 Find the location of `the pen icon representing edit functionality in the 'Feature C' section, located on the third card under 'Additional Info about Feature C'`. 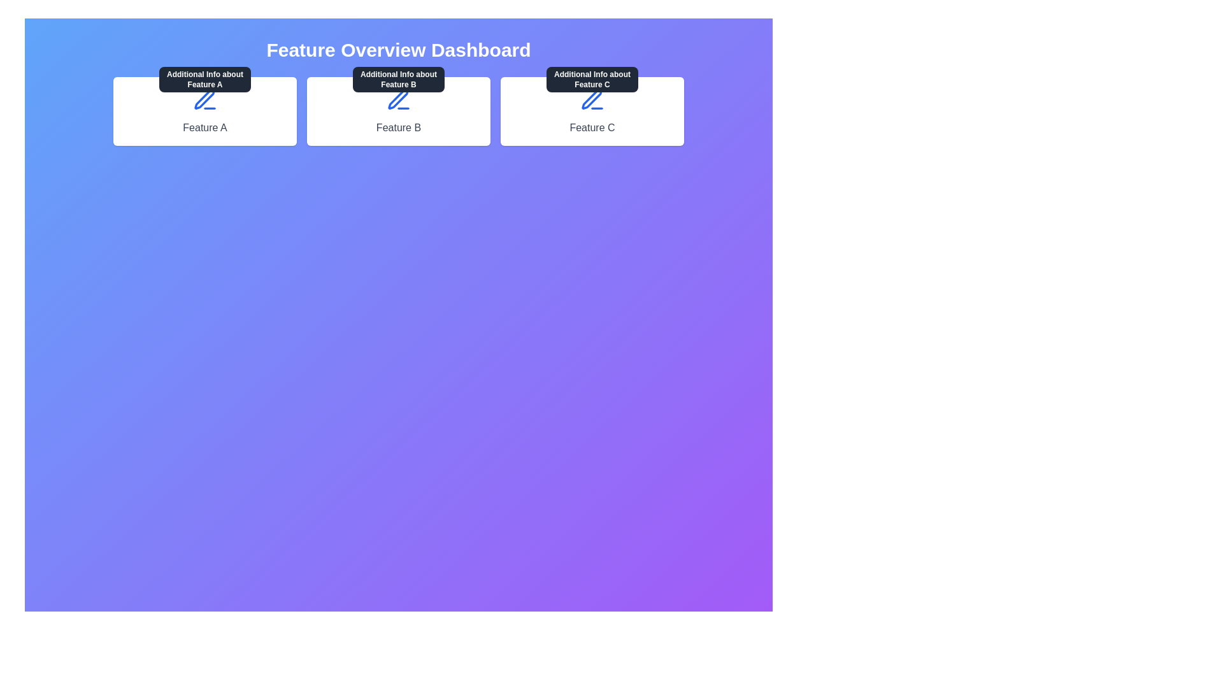

the pen icon representing edit functionality in the 'Feature C' section, located on the third card under 'Additional Info about Feature C' is located at coordinates (592, 99).